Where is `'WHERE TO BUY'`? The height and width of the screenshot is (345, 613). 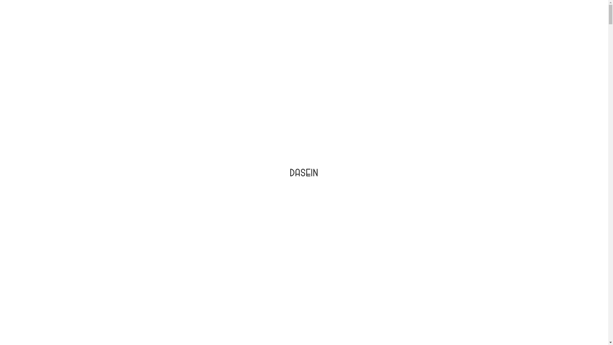
'WHERE TO BUY' is located at coordinates (398, 23).